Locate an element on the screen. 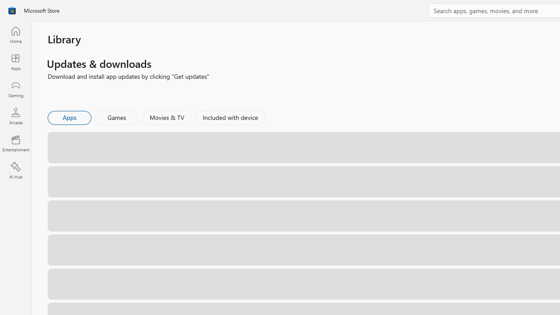 Image resolution: width=560 pixels, height=315 pixels. 'AI Hub' is located at coordinates (15, 171).